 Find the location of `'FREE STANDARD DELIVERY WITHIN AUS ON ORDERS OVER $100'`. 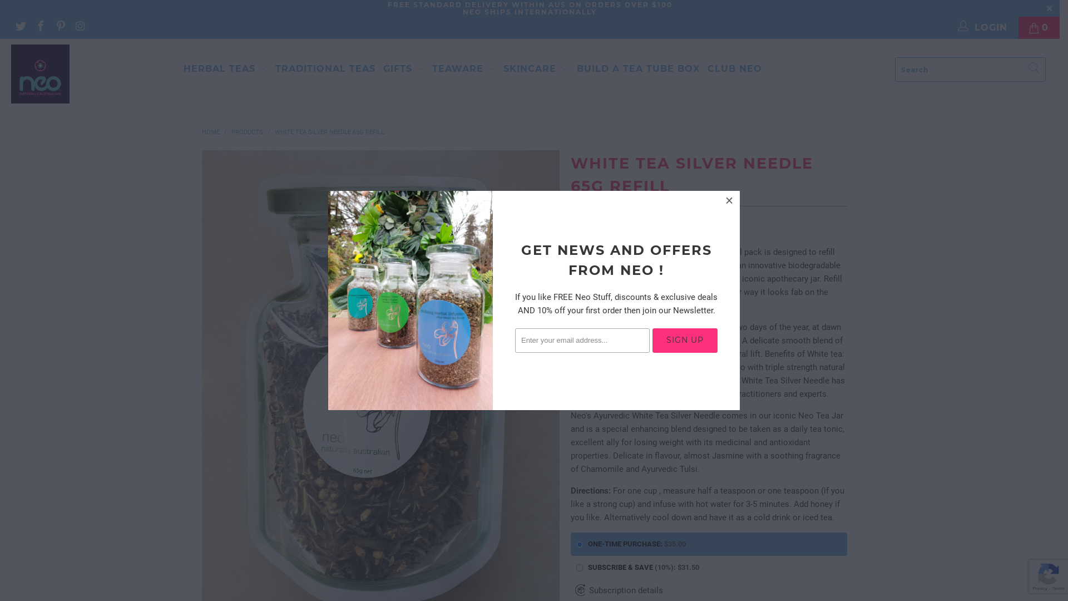

'FREE STANDARD DELIVERY WITHIN AUS ON ORDERS OVER $100' is located at coordinates (528, 4).